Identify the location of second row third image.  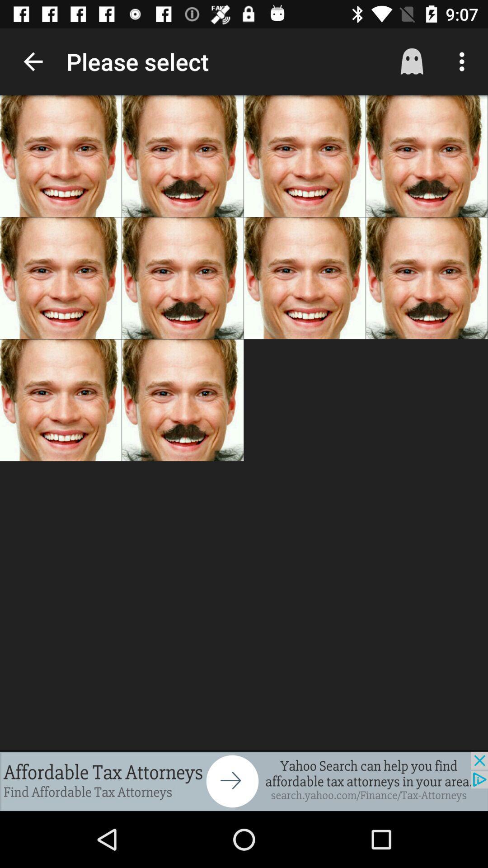
(305, 278).